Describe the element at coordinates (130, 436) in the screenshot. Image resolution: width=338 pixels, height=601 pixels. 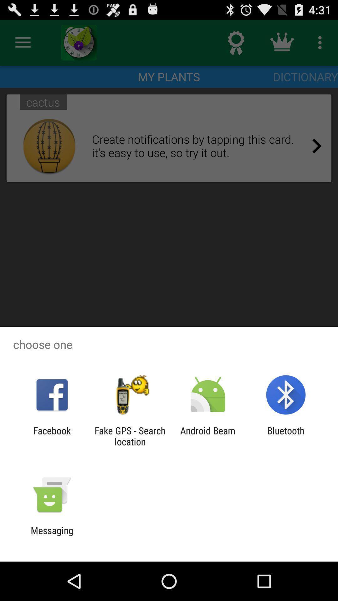
I see `app to the left of the android beam` at that location.